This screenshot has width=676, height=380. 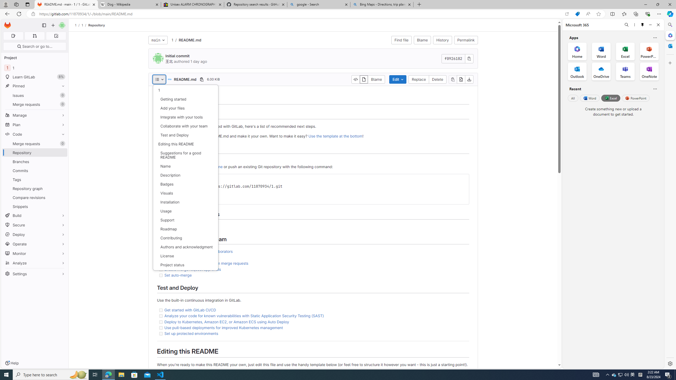 What do you see at coordinates (34, 197) in the screenshot?
I see `'Compare revisions'` at bounding box center [34, 197].